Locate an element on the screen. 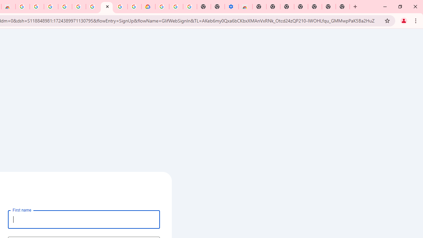  'Settings - Accessibility' is located at coordinates (231, 7).